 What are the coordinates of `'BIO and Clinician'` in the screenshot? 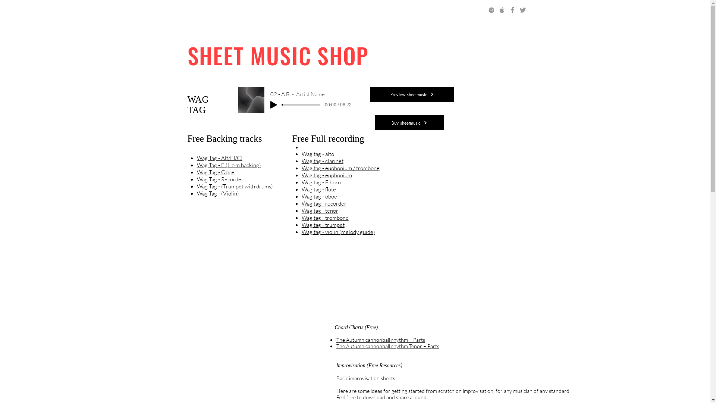 It's located at (232, 11).